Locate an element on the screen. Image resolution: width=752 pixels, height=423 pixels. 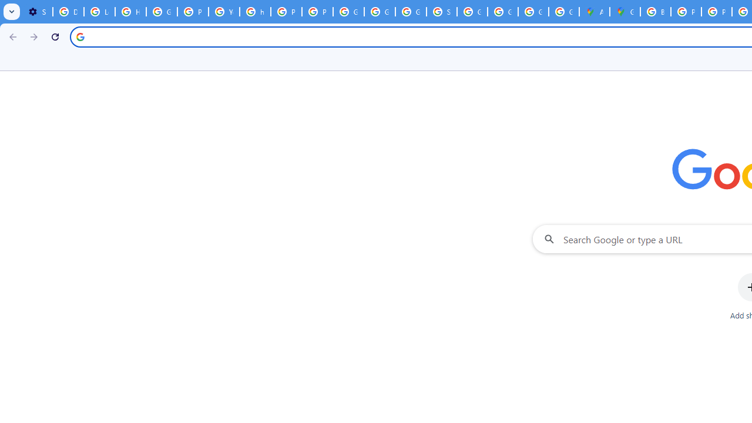
'Blogger Policies and Guidelines - Transparency Center' is located at coordinates (655, 12).